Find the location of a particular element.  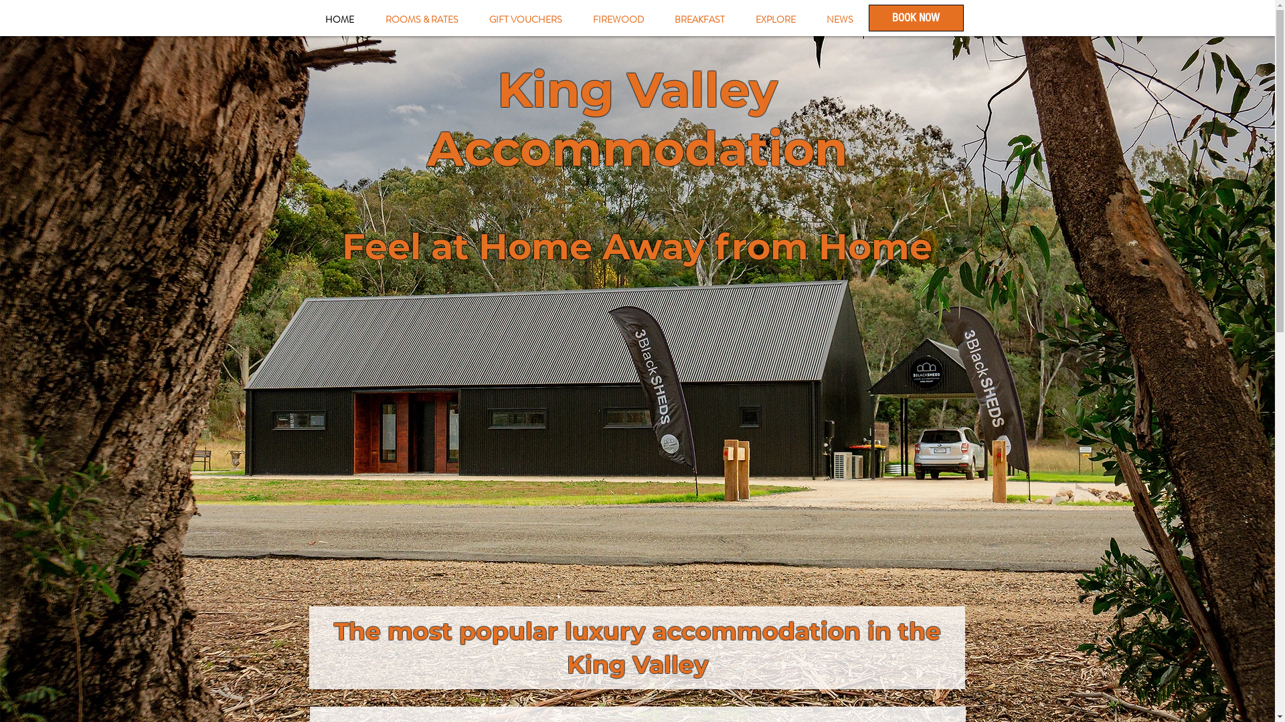

'NEWS' is located at coordinates (839, 19).